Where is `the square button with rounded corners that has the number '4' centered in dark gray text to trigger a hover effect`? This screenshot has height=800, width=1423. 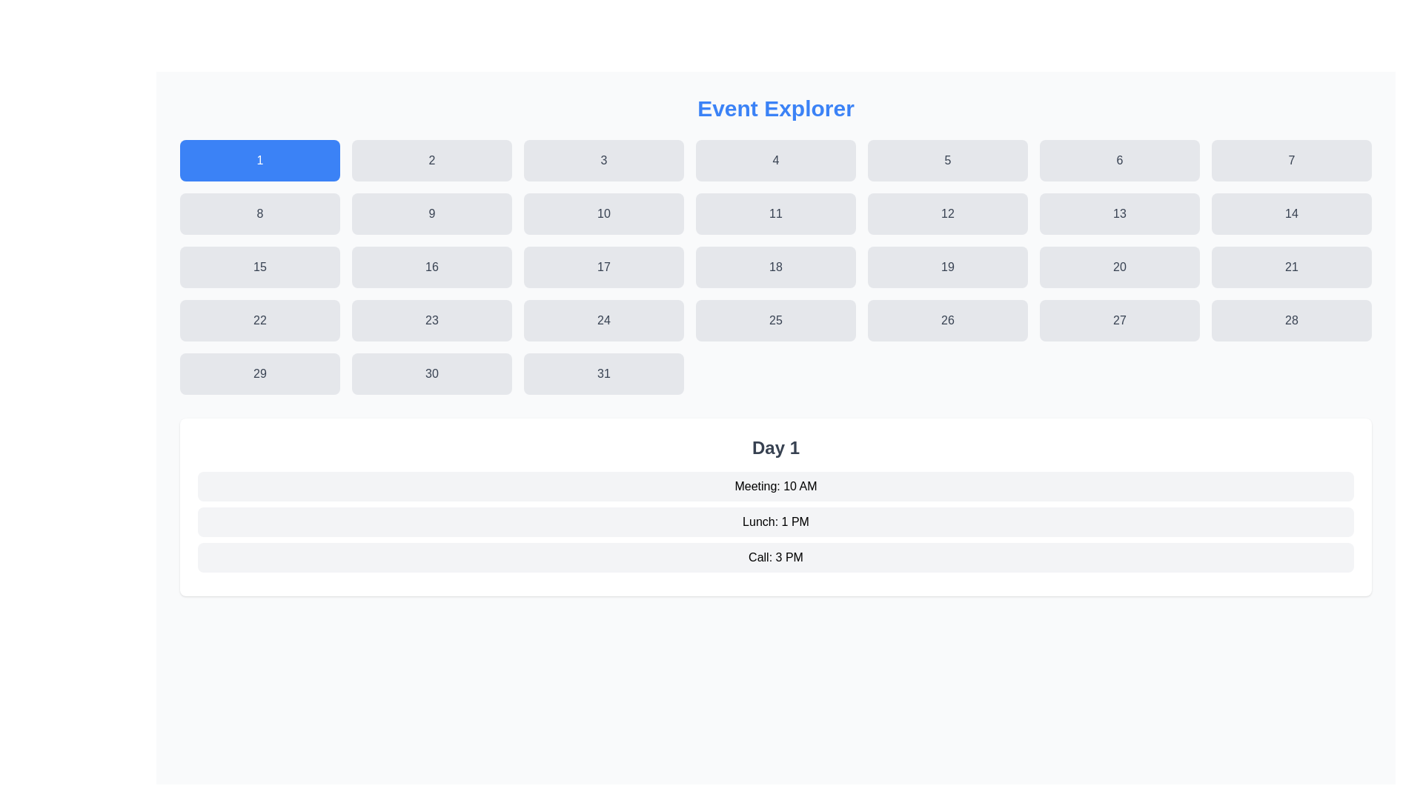
the square button with rounded corners that has the number '4' centered in dark gray text to trigger a hover effect is located at coordinates (774, 160).